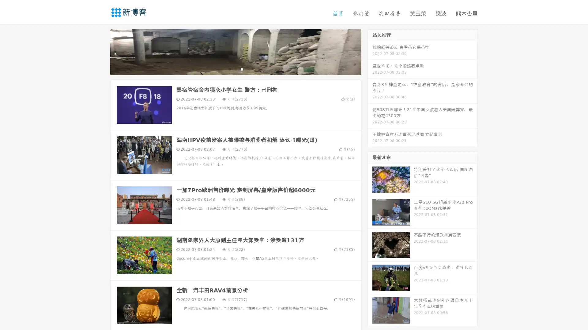  I want to click on Go to slide 1, so click(229, 69).